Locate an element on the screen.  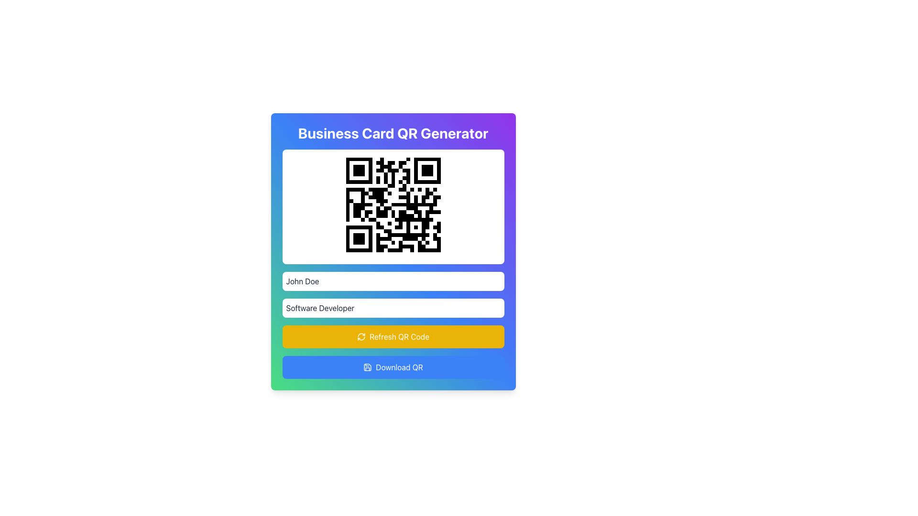
the floppy disk icon that indicates a save action, located to the left of the 'Download QR' text within the blue download button is located at coordinates (367, 366).